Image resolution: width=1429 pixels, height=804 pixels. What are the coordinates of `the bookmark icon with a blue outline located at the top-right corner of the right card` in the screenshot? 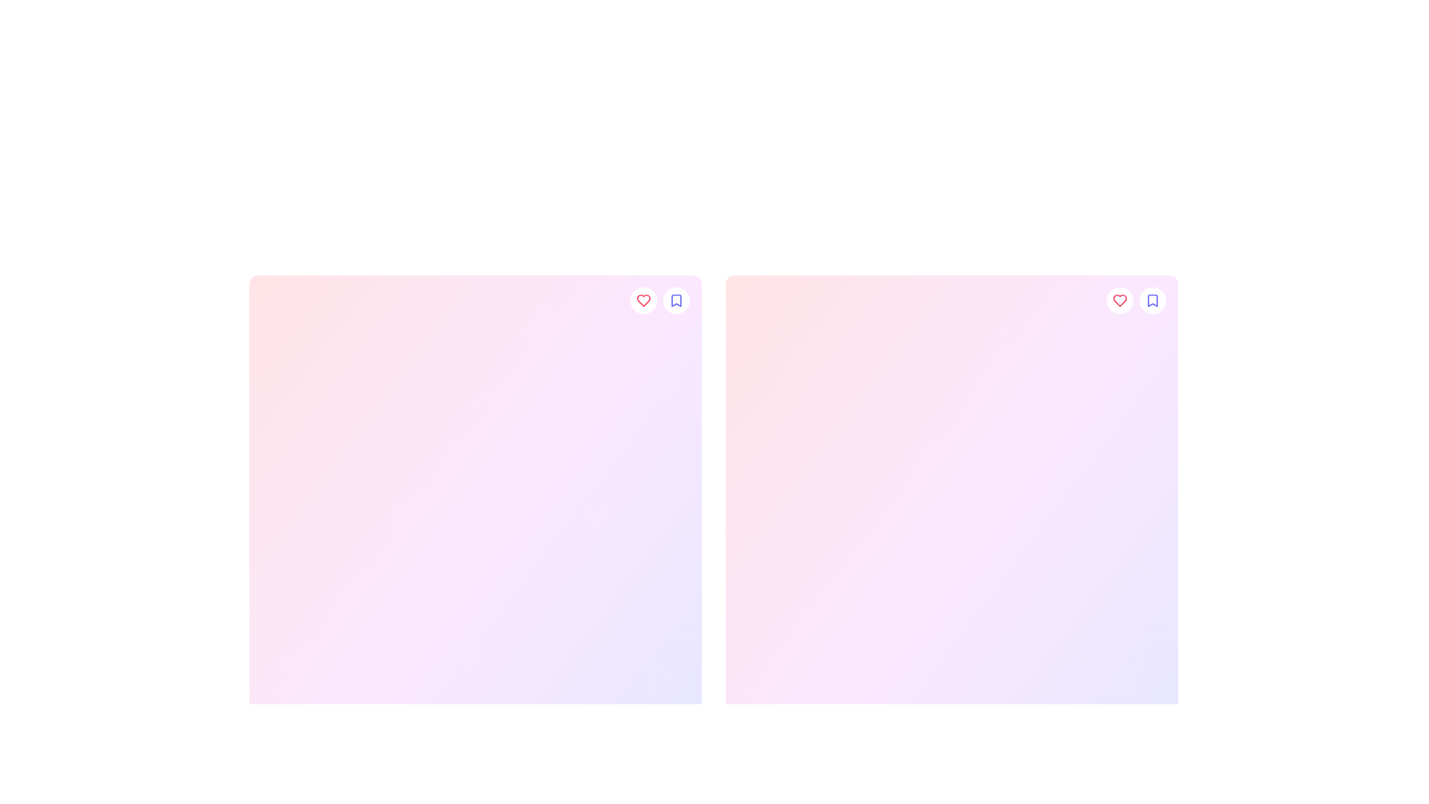 It's located at (1152, 301).